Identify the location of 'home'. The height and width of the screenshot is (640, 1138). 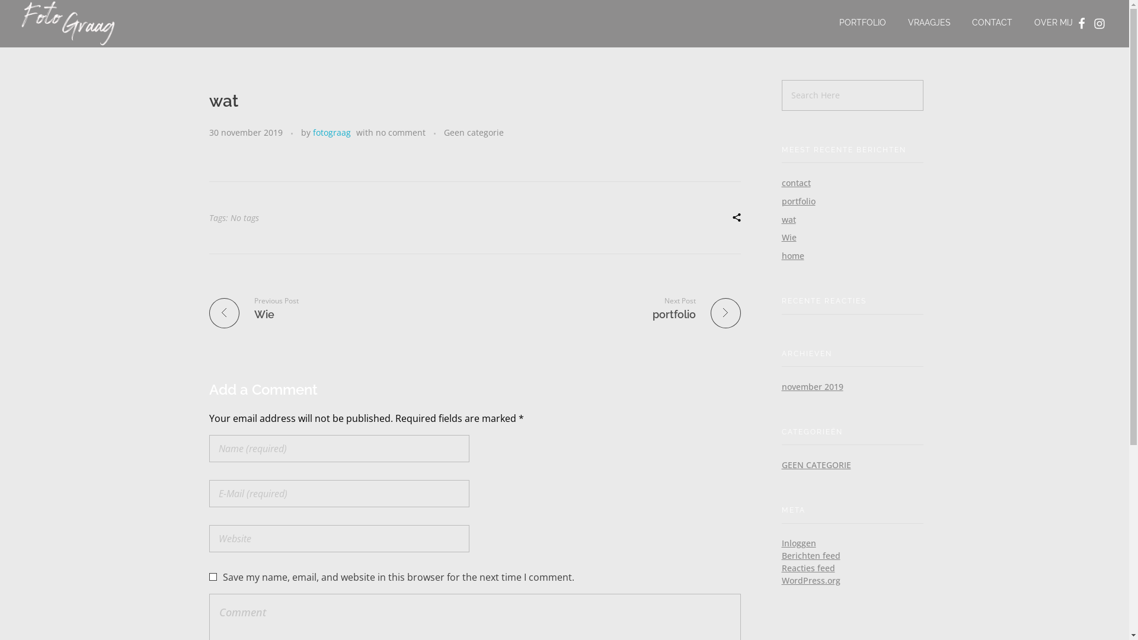
(792, 255).